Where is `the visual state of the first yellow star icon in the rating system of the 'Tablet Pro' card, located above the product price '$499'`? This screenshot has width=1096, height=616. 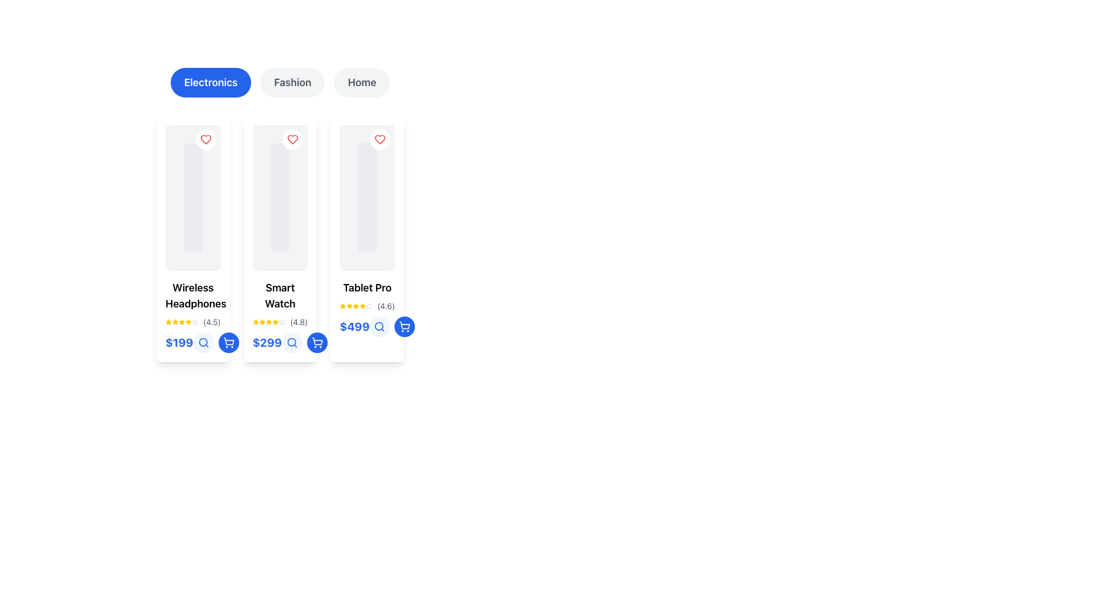 the visual state of the first yellow star icon in the rating system of the 'Tablet Pro' card, located above the product price '$499' is located at coordinates (342, 305).